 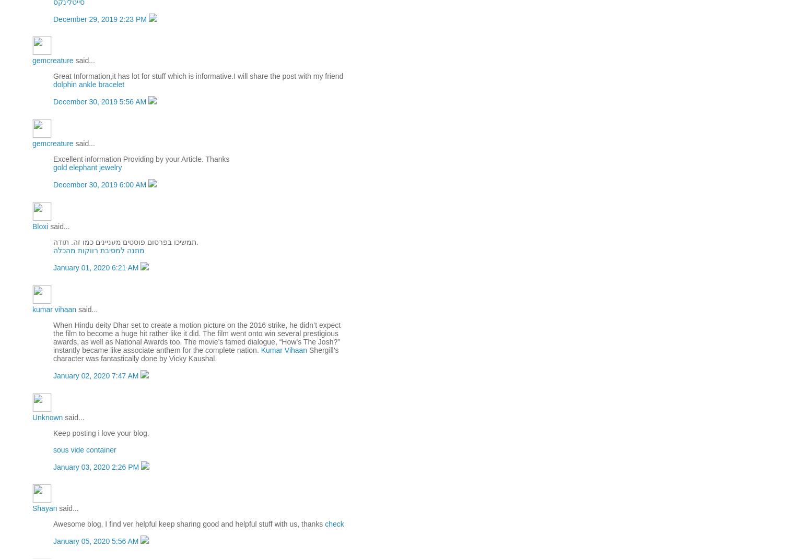 I want to click on 'Bloxi', so click(x=39, y=226).